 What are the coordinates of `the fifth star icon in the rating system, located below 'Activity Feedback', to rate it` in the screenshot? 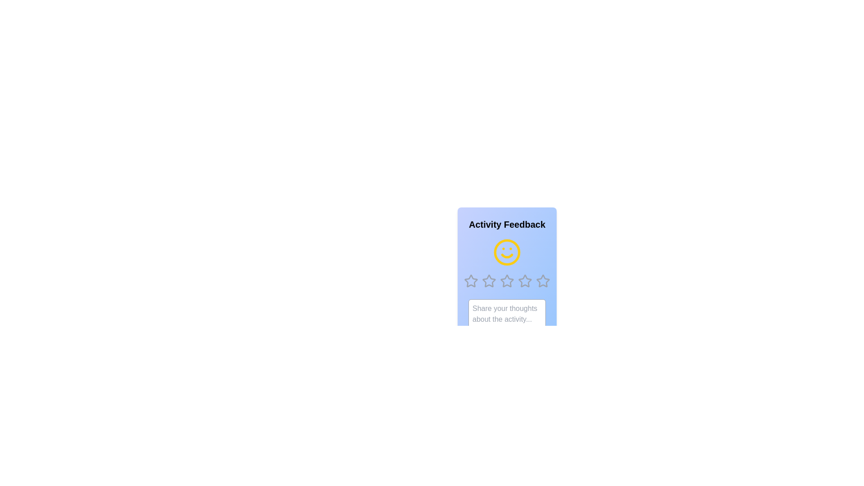 It's located at (525, 280).